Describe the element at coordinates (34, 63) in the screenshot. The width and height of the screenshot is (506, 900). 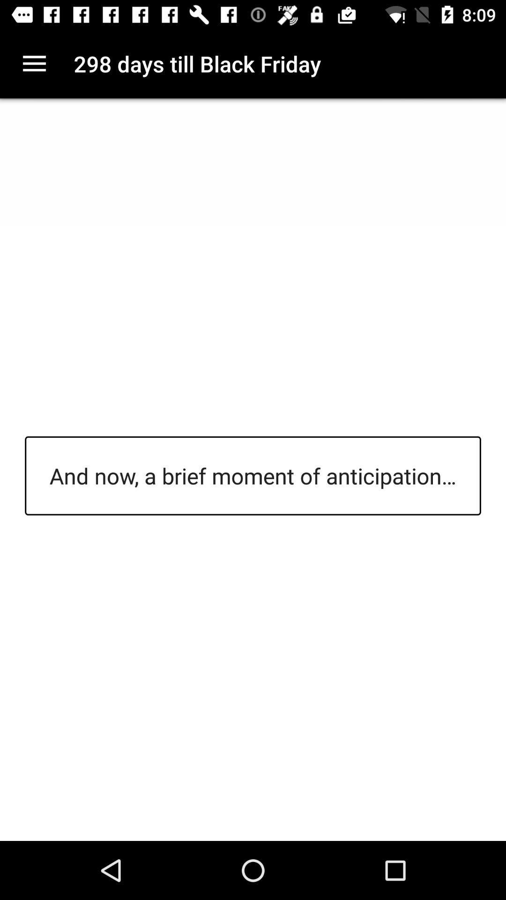
I see `item next to the 298 days till icon` at that location.